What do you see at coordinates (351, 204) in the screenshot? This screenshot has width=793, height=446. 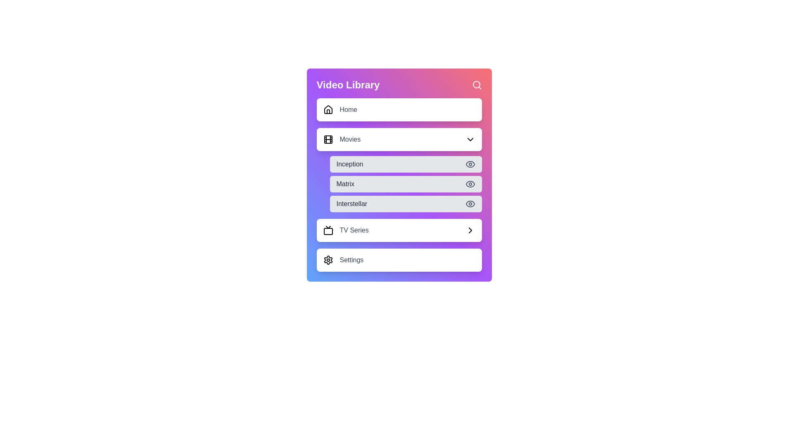 I see `the text label displaying 'Interstellar'` at bounding box center [351, 204].